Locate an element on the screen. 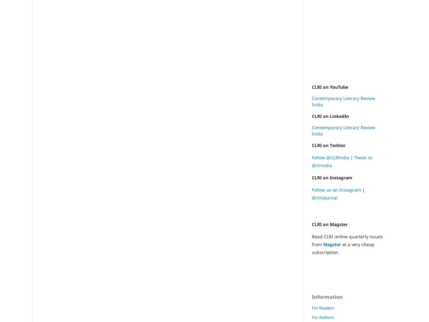 Image resolution: width=429 pixels, height=322 pixels. 'Read CLRI online quarterly issues from' is located at coordinates (312, 240).